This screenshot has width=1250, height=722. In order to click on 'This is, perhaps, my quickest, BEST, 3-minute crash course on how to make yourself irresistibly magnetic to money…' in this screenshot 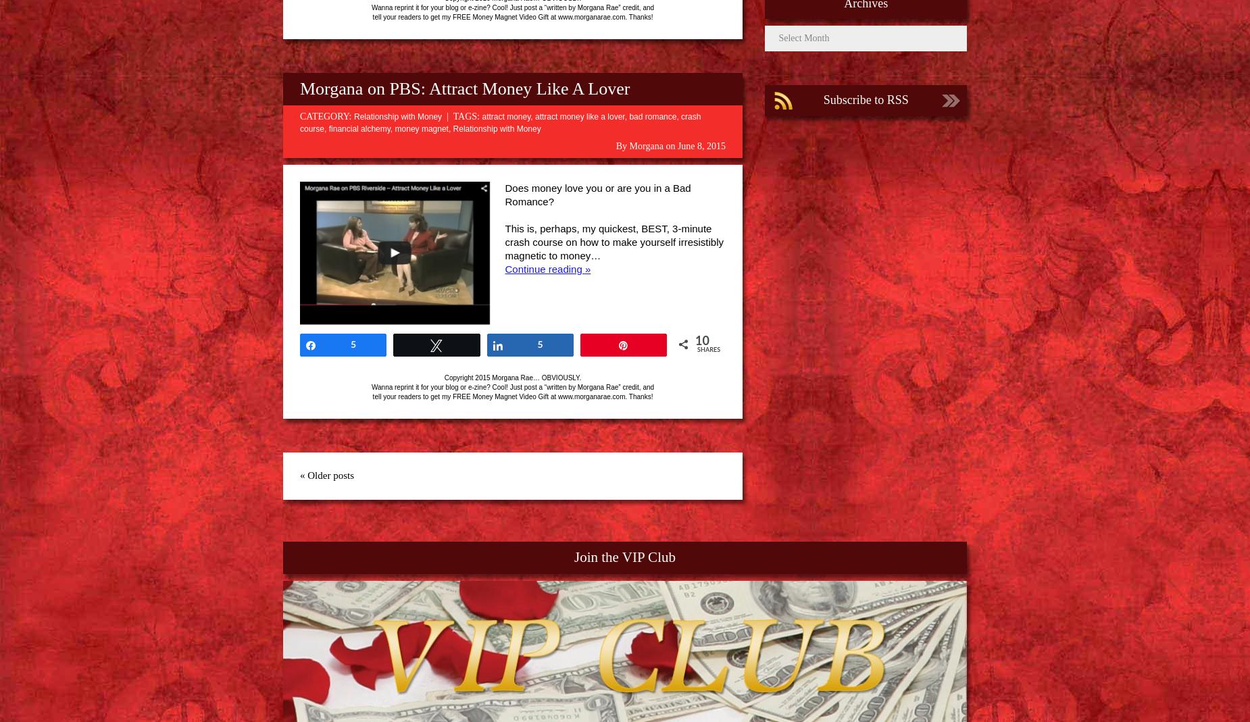, I will do `click(614, 242)`.